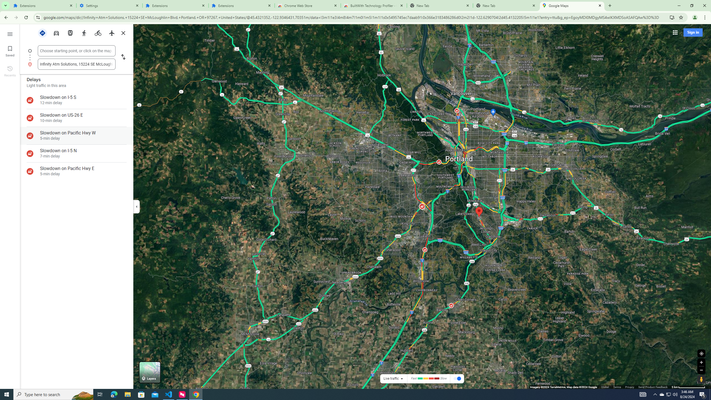 Image resolution: width=711 pixels, height=400 pixels. I want to click on 'Transit', so click(70, 32).